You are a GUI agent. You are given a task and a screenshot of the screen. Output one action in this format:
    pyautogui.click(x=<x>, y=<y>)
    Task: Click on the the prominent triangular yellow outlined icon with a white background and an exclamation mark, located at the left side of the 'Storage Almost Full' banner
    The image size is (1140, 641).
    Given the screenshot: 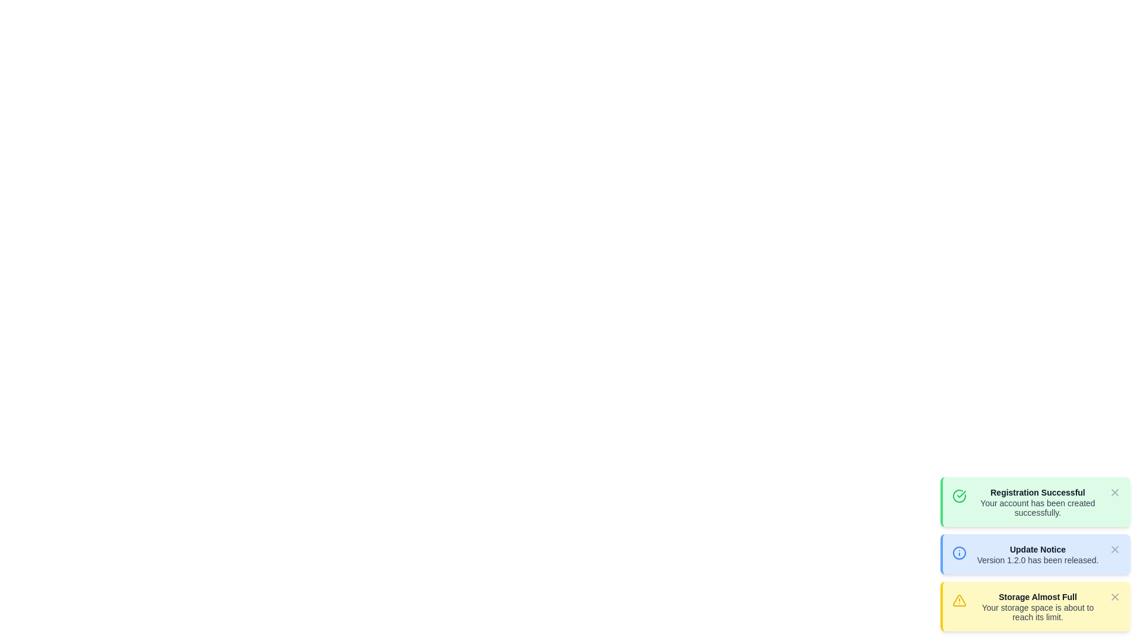 What is the action you would take?
    pyautogui.click(x=959, y=599)
    